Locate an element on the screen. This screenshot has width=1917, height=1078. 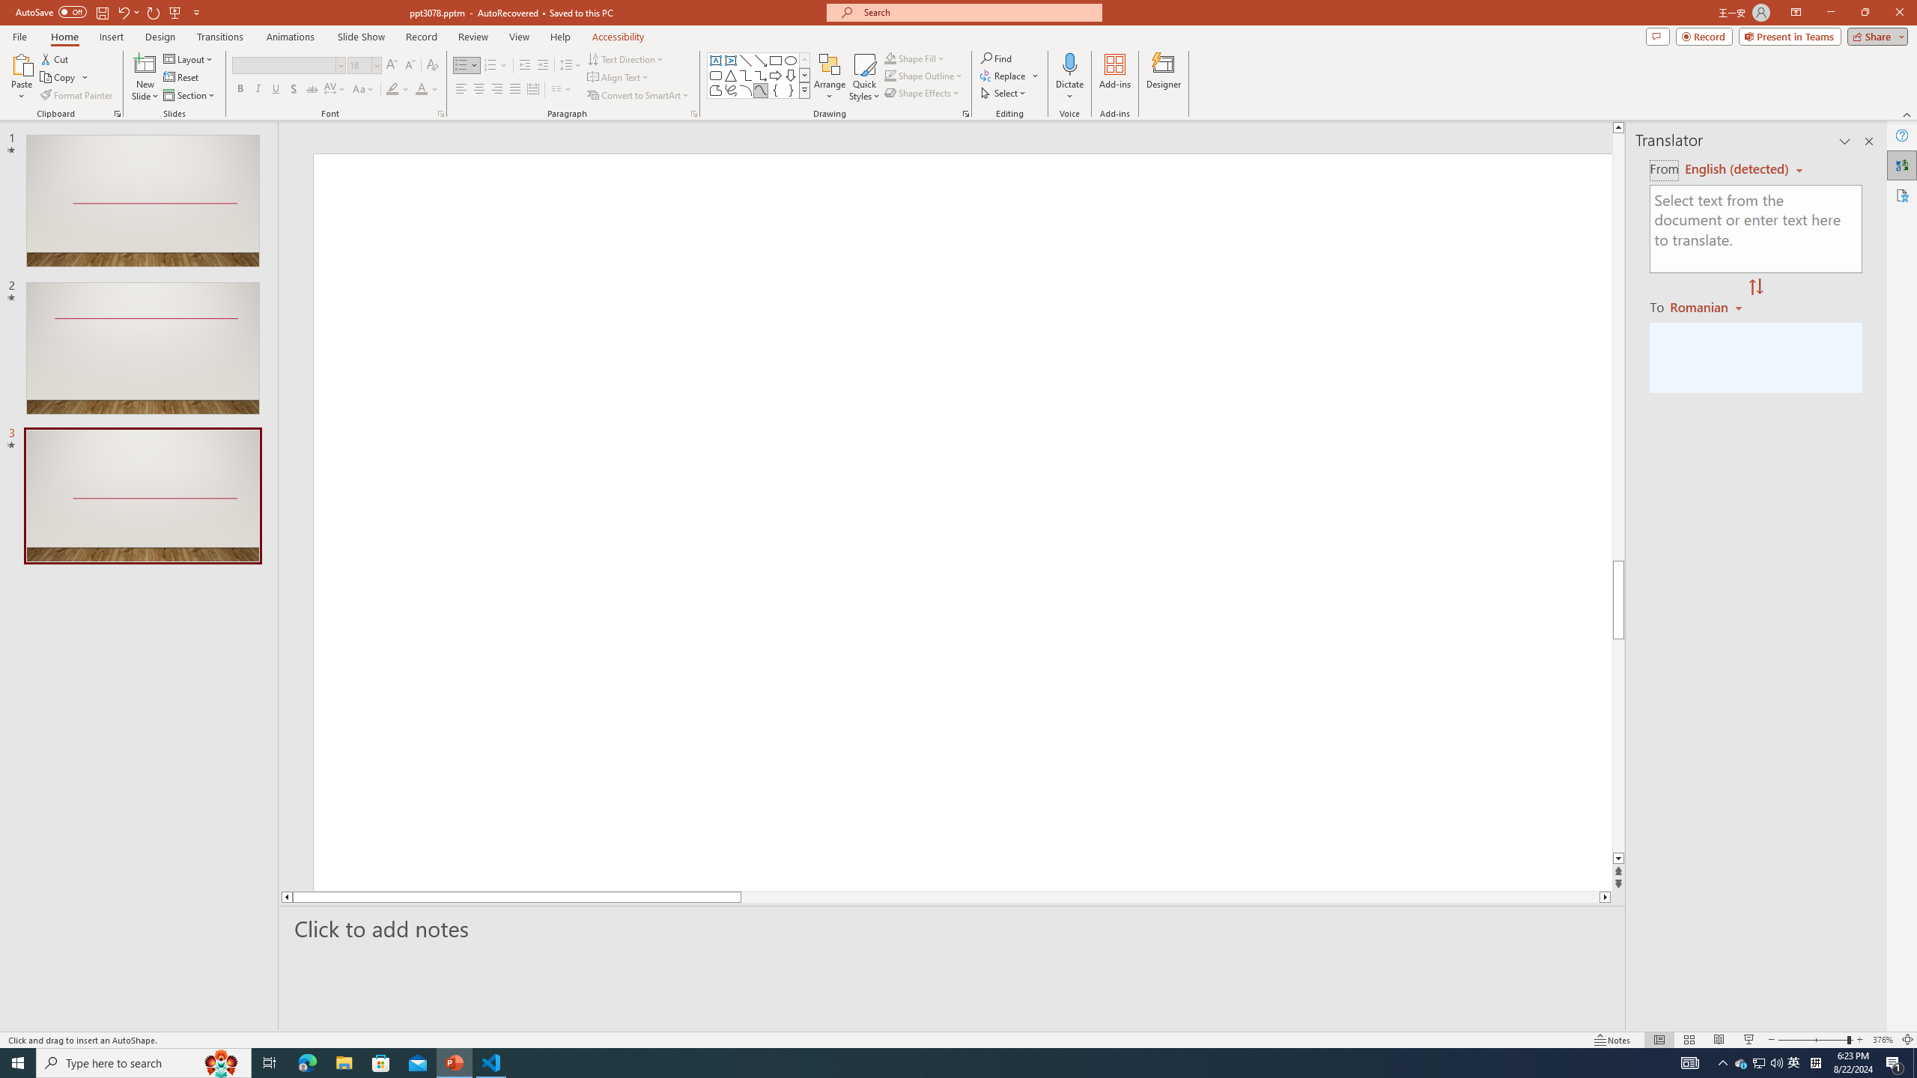
'Underline' is located at coordinates (275, 88).